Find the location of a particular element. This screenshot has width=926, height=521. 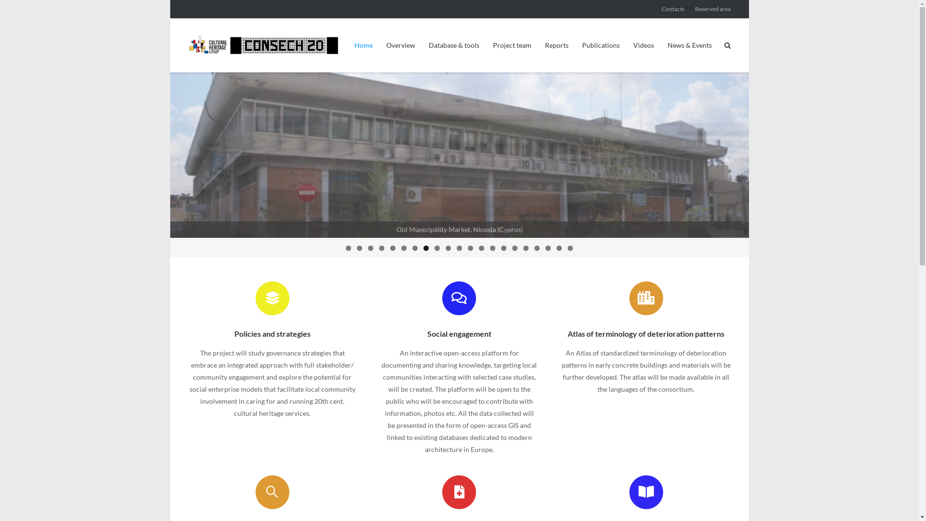

'9' is located at coordinates (436, 247).